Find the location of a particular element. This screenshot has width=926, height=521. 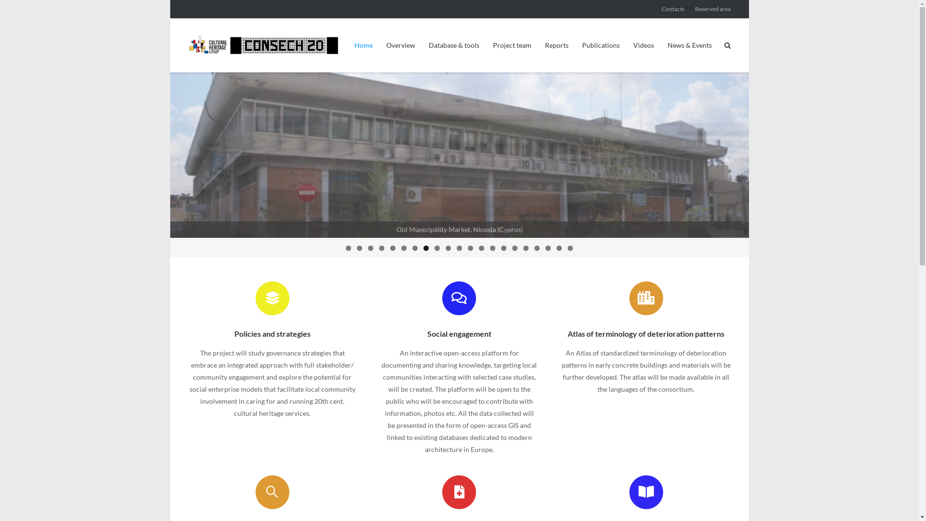

'9' is located at coordinates (436, 247).